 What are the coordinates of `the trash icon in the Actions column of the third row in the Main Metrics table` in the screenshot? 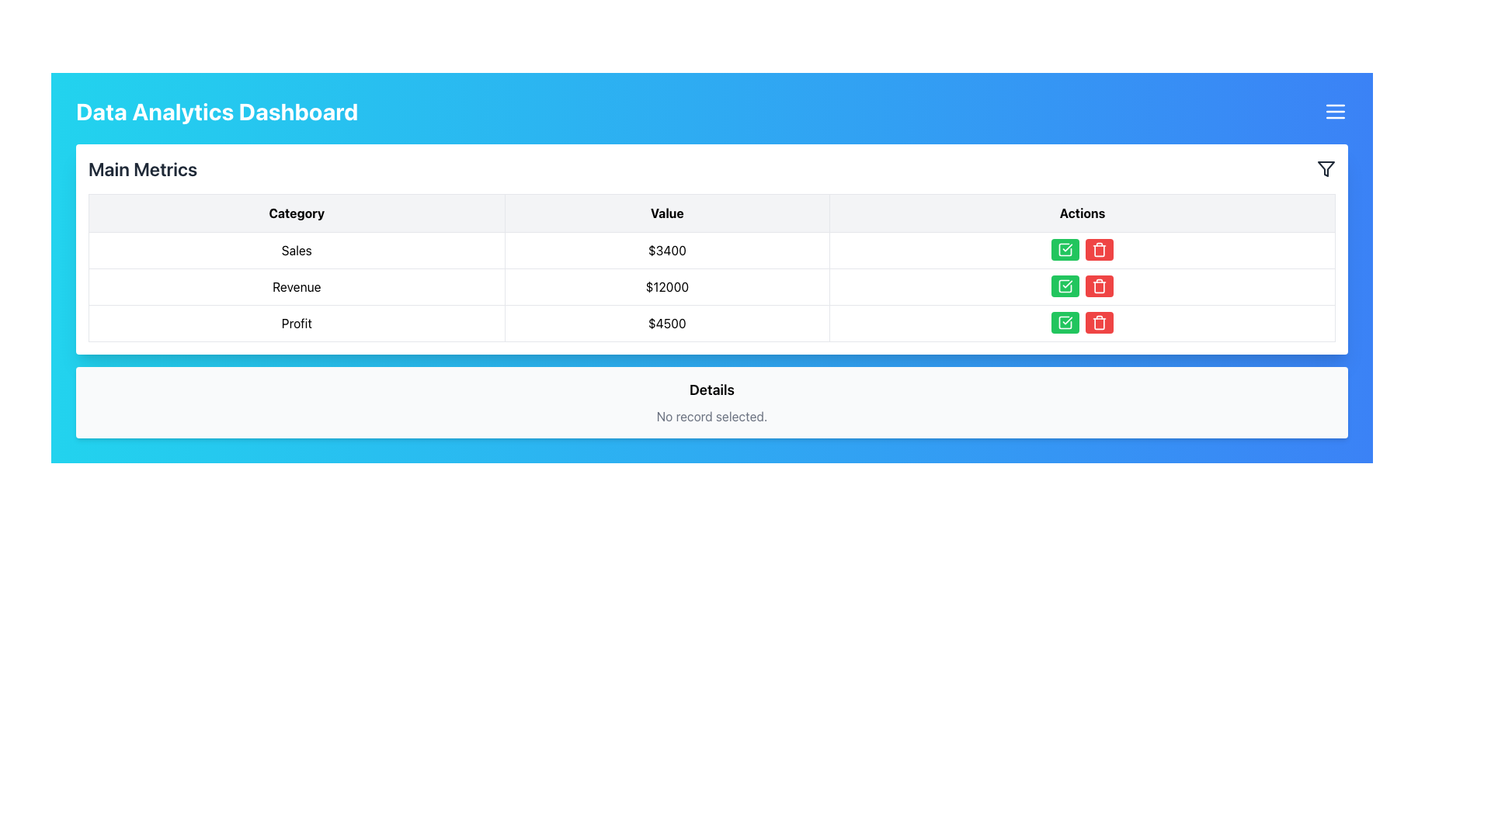 It's located at (1099, 286).